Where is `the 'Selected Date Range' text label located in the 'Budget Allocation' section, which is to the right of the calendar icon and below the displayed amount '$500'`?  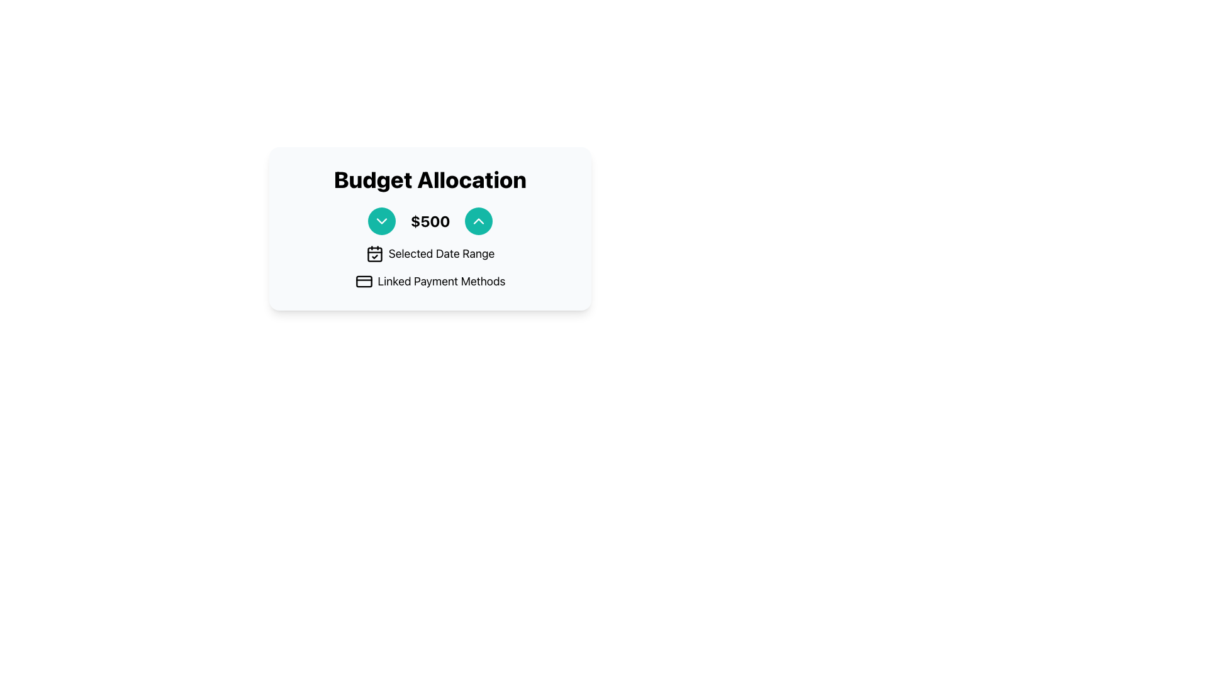
the 'Selected Date Range' text label located in the 'Budget Allocation' section, which is to the right of the calendar icon and below the displayed amount '$500' is located at coordinates (441, 254).